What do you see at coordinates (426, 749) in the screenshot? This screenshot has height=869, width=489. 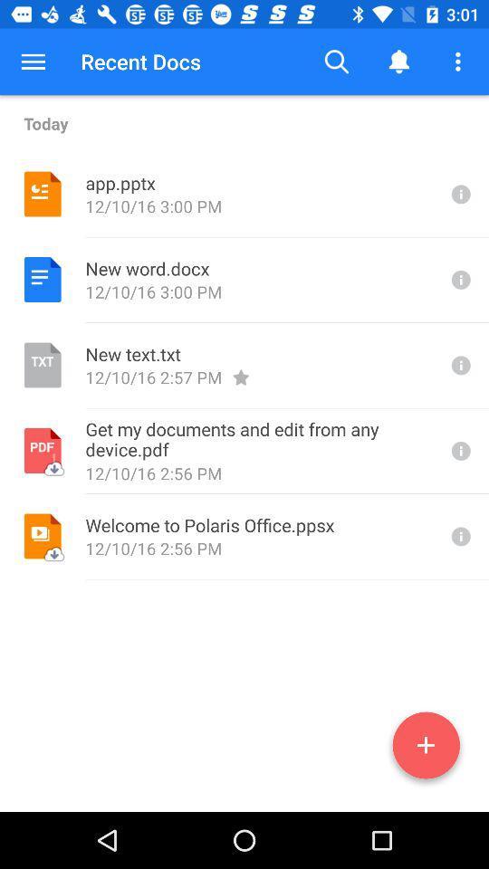 I see `the add icon` at bounding box center [426, 749].